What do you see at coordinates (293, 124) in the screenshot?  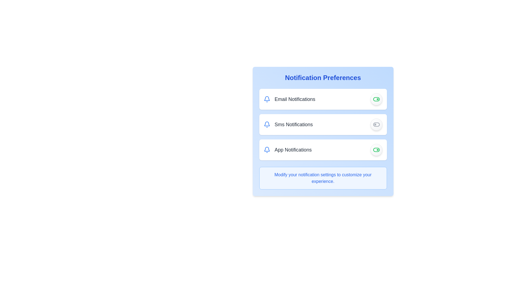 I see `the static text label indicating SMS Notifications, which is located in the second row of notification options, between a notification bell icon on the left and a toggle switch on the right` at bounding box center [293, 124].